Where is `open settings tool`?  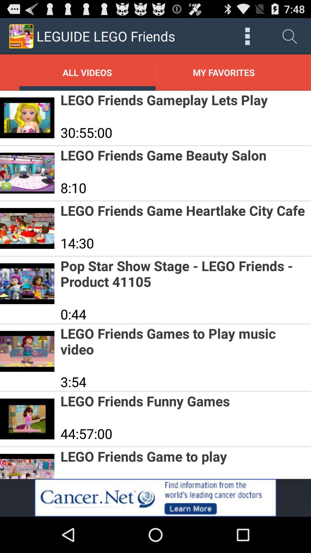 open settings tool is located at coordinates (247, 36).